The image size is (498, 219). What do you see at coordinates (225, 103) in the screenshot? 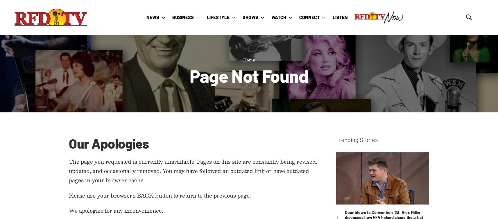
I see `'Machinery'` at bounding box center [225, 103].